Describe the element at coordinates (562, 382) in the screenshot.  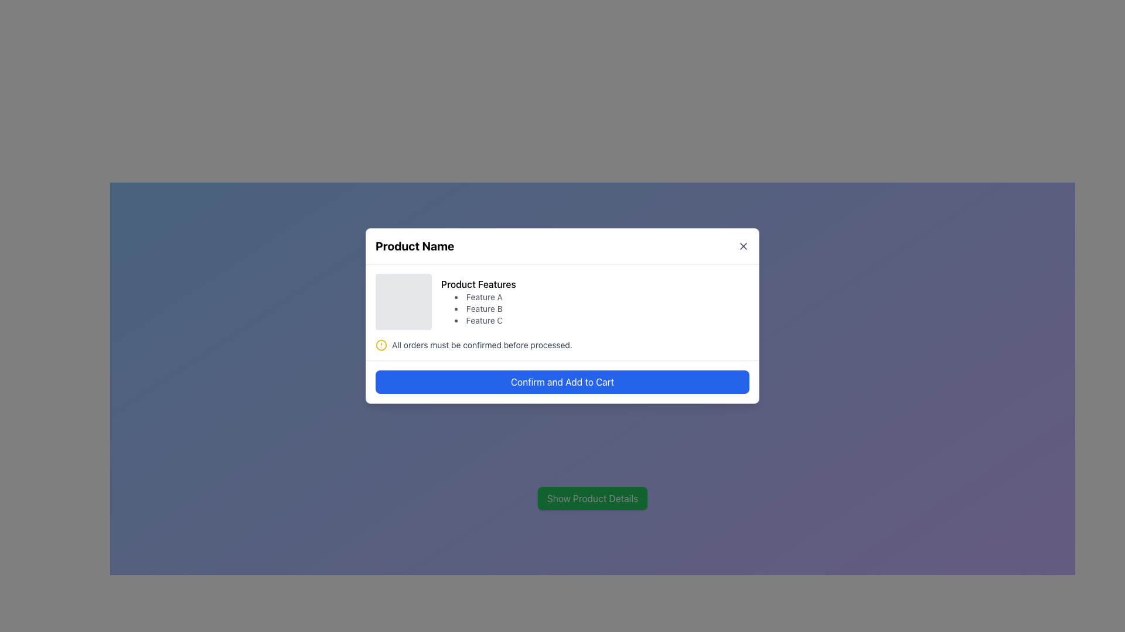
I see `the confirmation button located at the bottom of the dialog box to confirm and add the item to the shopping cart` at that location.